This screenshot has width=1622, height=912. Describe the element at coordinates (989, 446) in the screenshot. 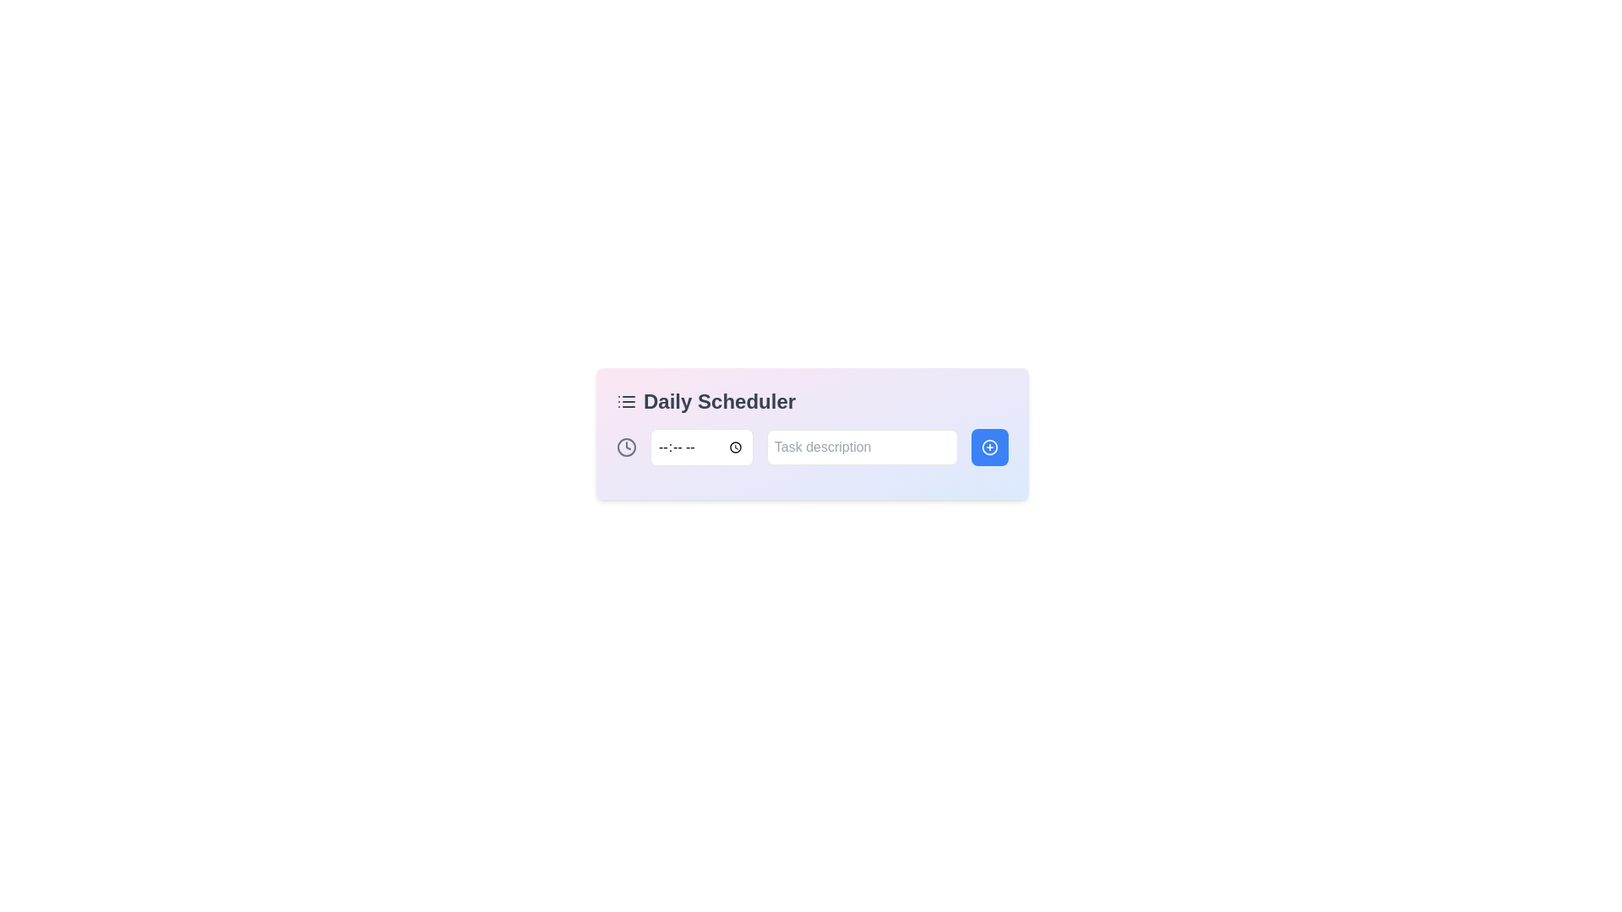

I see `the Icon Button with a '+' symbol located at the right edge of the 'Daily Scheduler' bar` at that location.